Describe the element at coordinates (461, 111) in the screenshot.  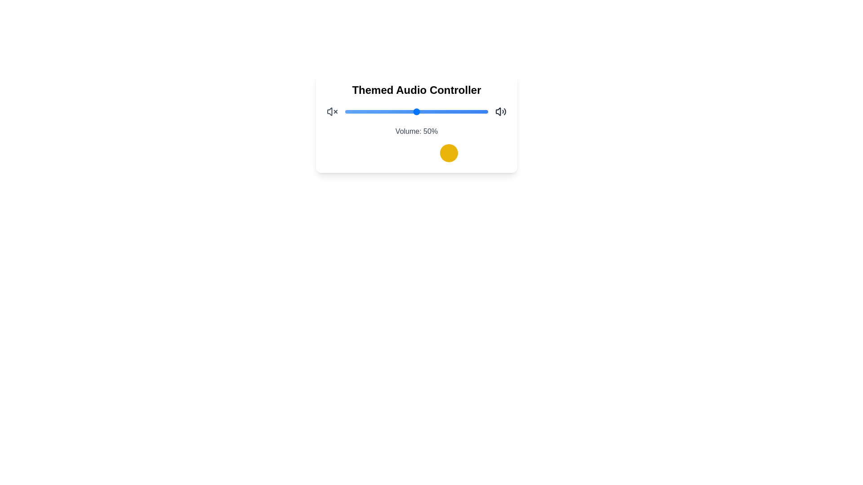
I see `the volume slider to set the volume to 81%` at that location.